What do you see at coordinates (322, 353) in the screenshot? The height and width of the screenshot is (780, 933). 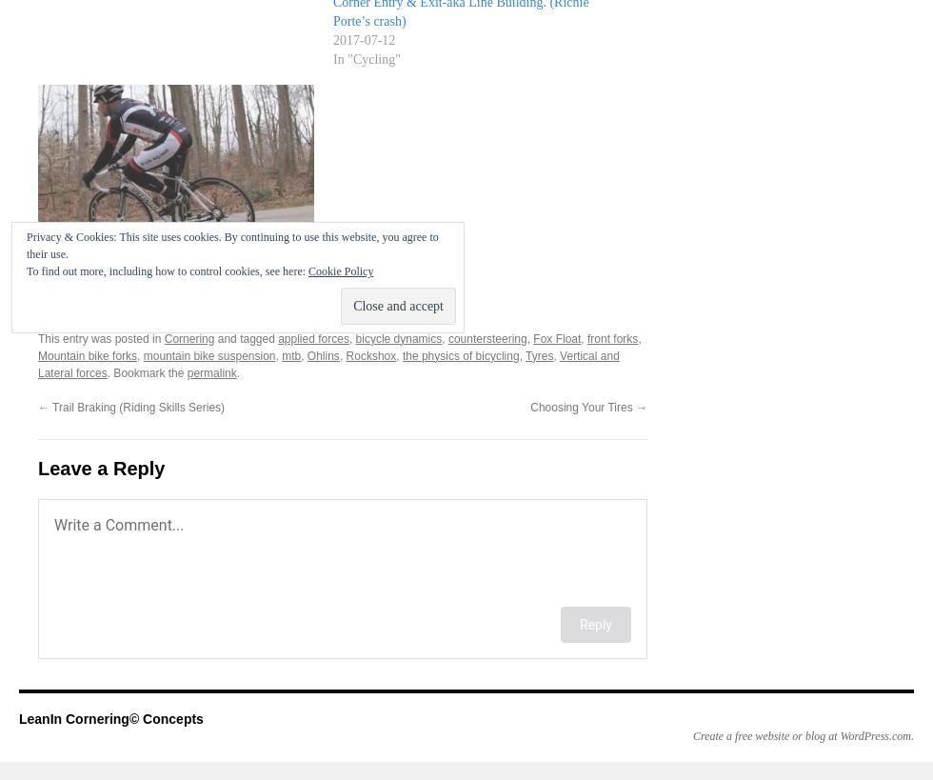 I see `'Ohlins'` at bounding box center [322, 353].